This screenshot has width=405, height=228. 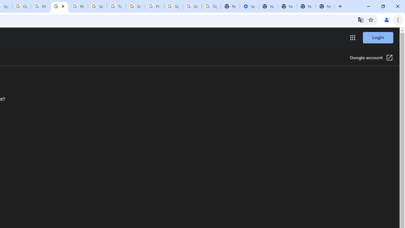 I want to click on 'New Tab', so click(x=325, y=6).